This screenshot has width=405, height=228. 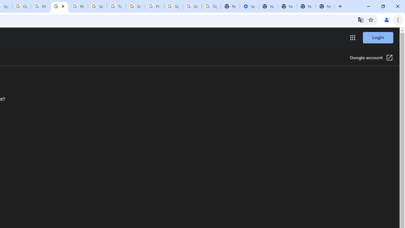 I want to click on 'New Tab', so click(x=325, y=6).